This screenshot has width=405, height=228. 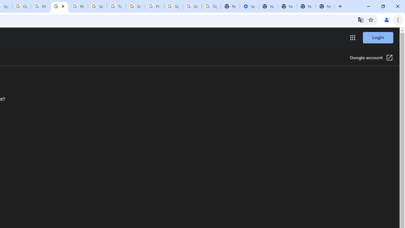 I want to click on 'New Tab', so click(x=325, y=6).